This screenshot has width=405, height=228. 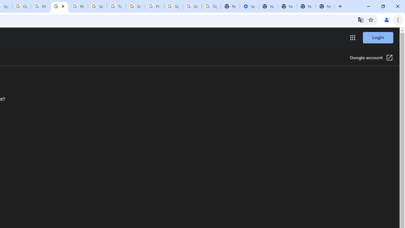 I want to click on 'New Tab', so click(x=325, y=6).